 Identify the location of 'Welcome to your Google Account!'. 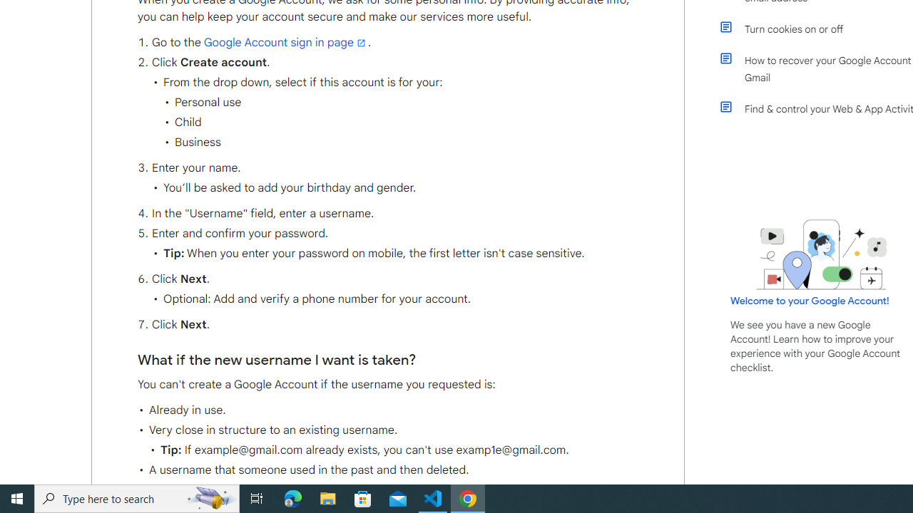
(810, 300).